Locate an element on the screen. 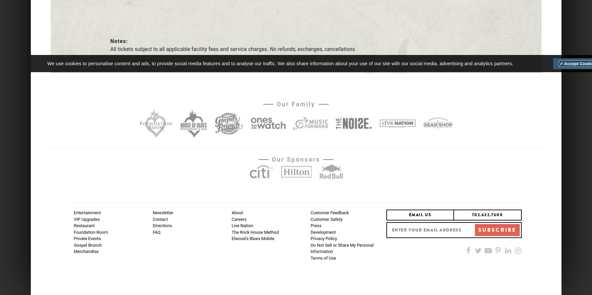 Image resolution: width=592 pixels, height=295 pixels. 'Development' is located at coordinates (323, 231).